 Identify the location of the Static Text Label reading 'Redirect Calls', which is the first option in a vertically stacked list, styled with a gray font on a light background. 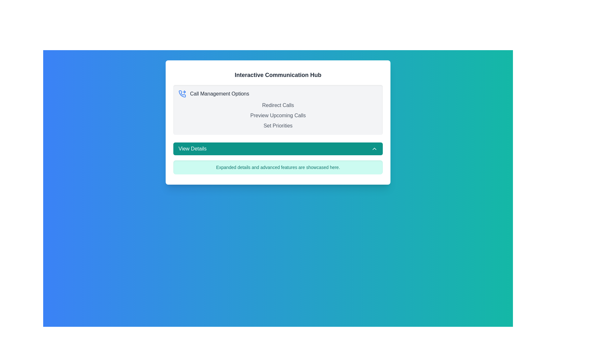
(278, 105).